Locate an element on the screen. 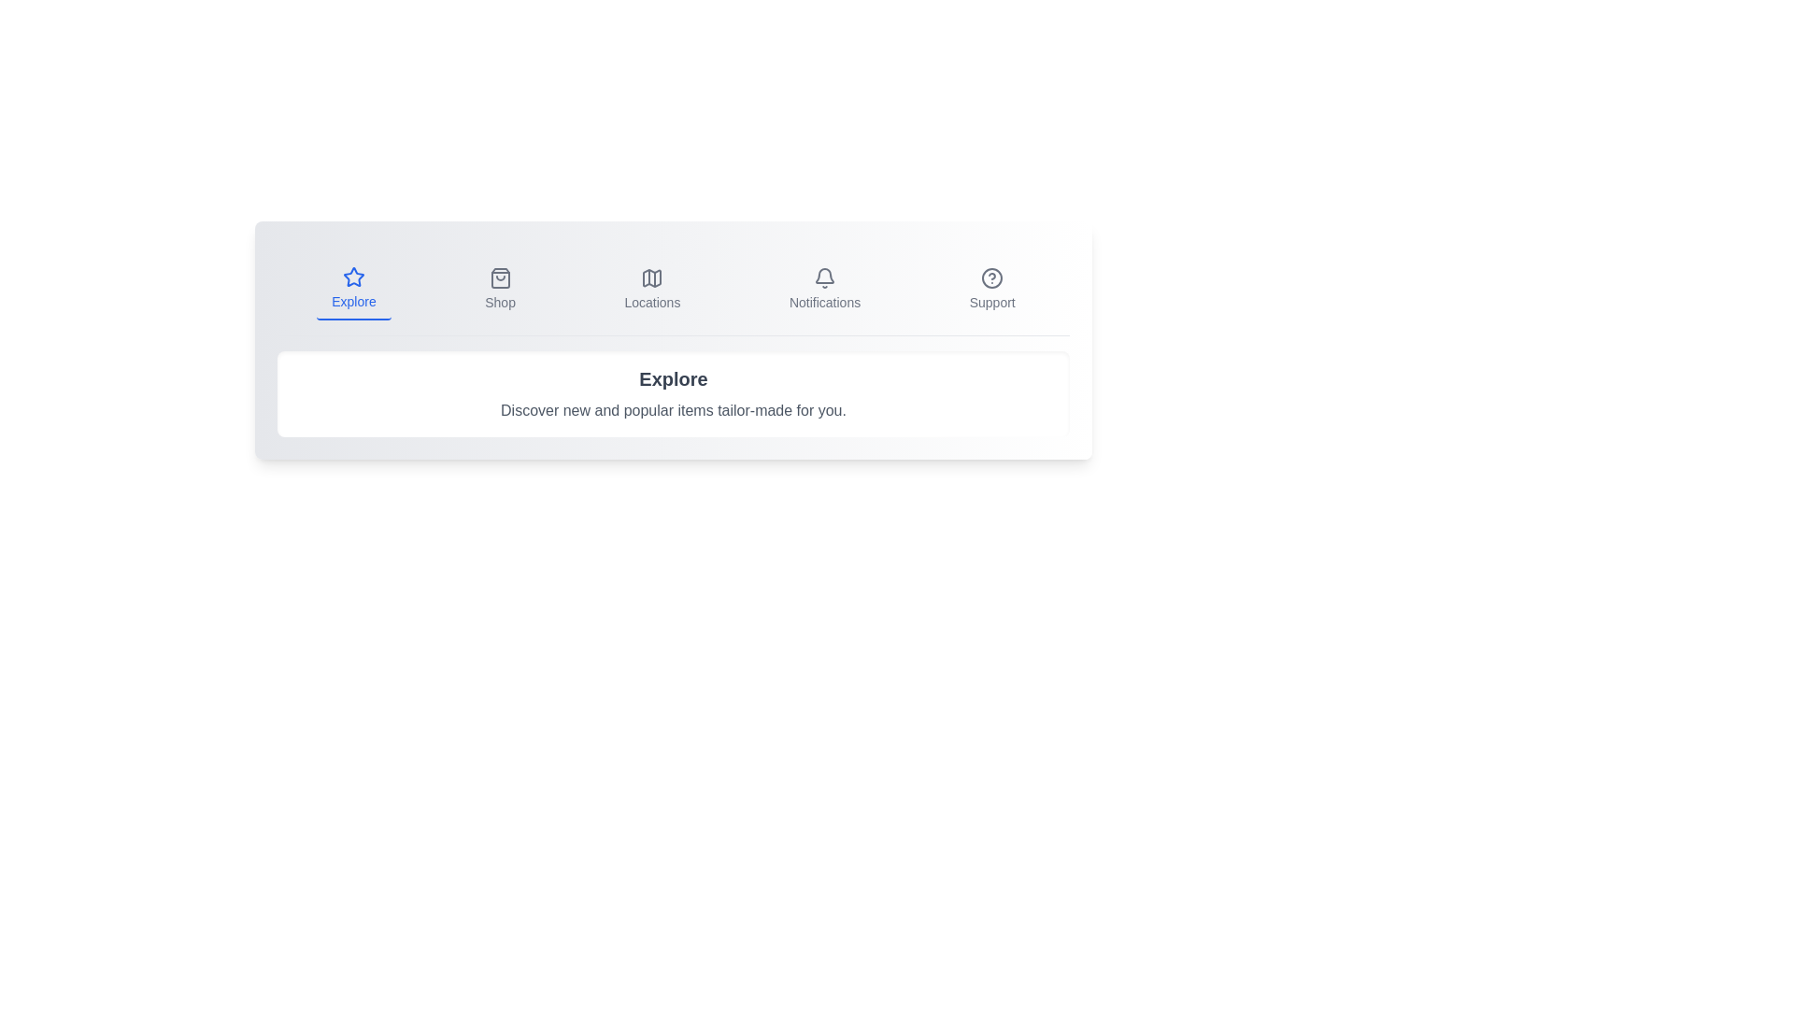  the 'Explore' text label which is styled in blue color and located below the star icon in the upper left section of the horizontal navigation bar is located at coordinates (354, 301).